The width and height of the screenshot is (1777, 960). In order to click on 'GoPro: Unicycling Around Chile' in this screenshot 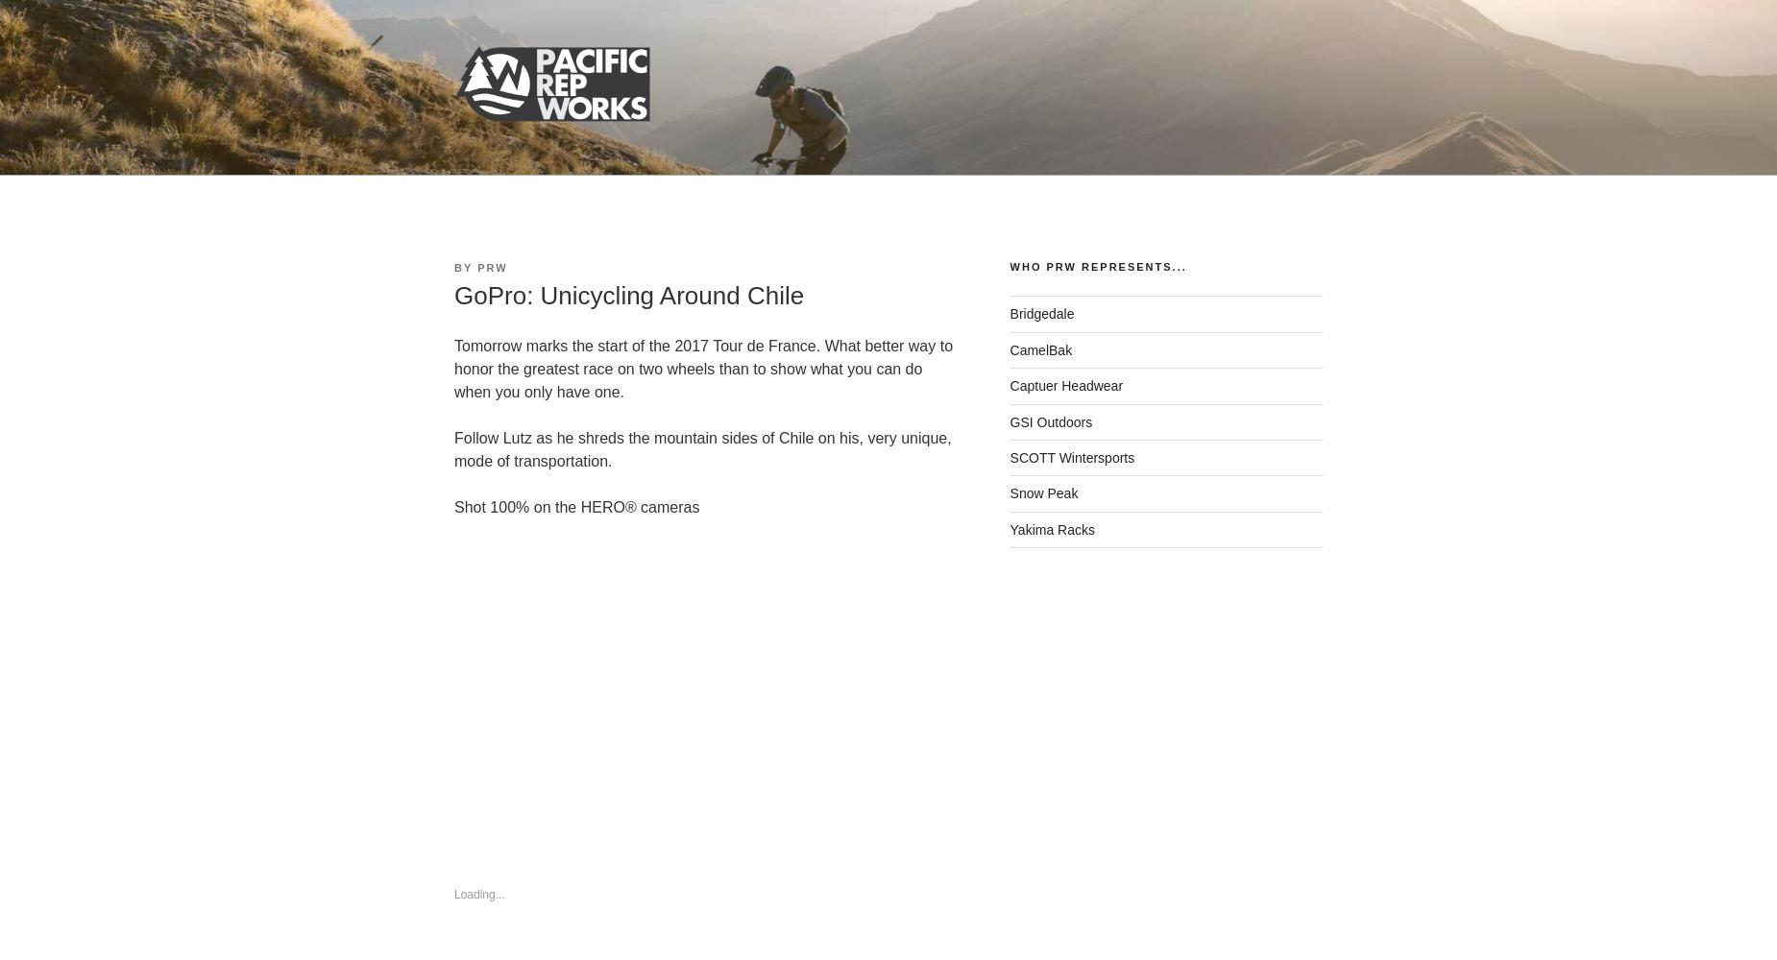, I will do `click(629, 296)`.